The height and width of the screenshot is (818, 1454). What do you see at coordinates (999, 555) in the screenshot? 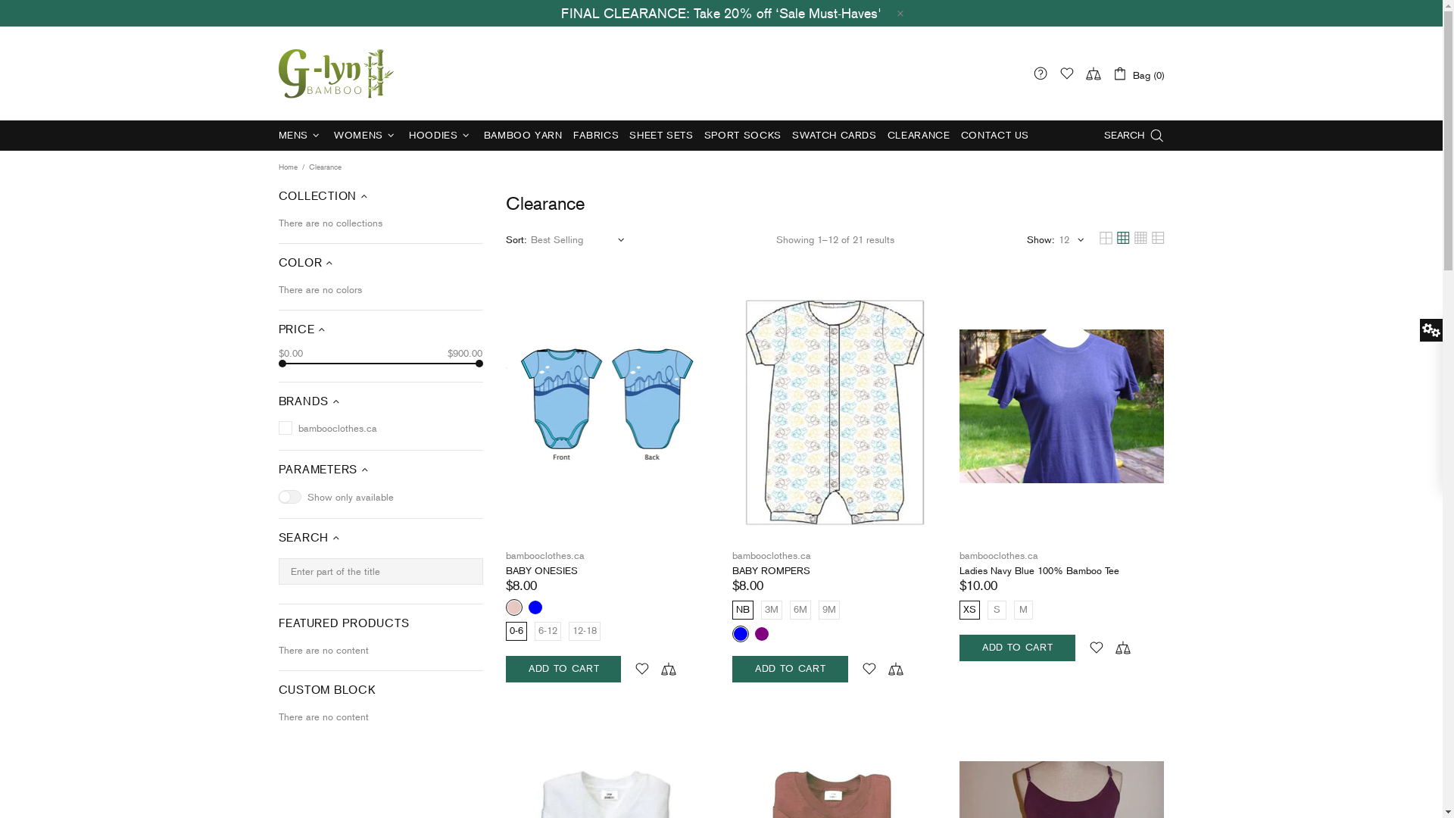
I see `'bambooclothes.ca'` at bounding box center [999, 555].